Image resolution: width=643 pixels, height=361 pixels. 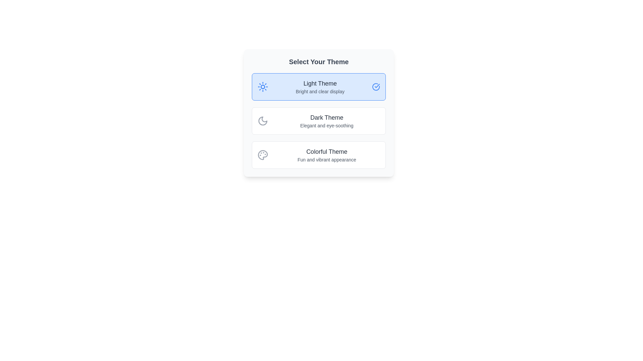 What do you see at coordinates (327, 152) in the screenshot?
I see `the text label reading 'Colorful Theme' which is styled with a larger font size and dark gray color, positioned centrally as the header for the 'Colorful Theme' section` at bounding box center [327, 152].